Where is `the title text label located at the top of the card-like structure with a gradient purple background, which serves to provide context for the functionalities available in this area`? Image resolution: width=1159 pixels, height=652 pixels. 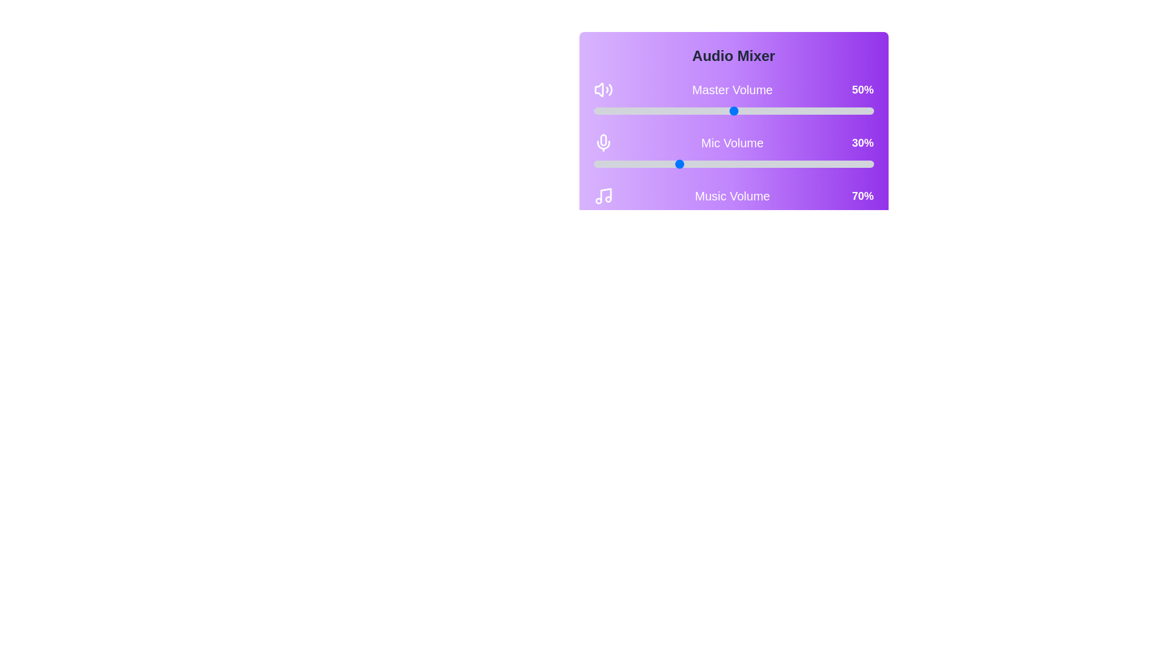
the title text label located at the top of the card-like structure with a gradient purple background, which serves to provide context for the functionalities available in this area is located at coordinates (733, 56).